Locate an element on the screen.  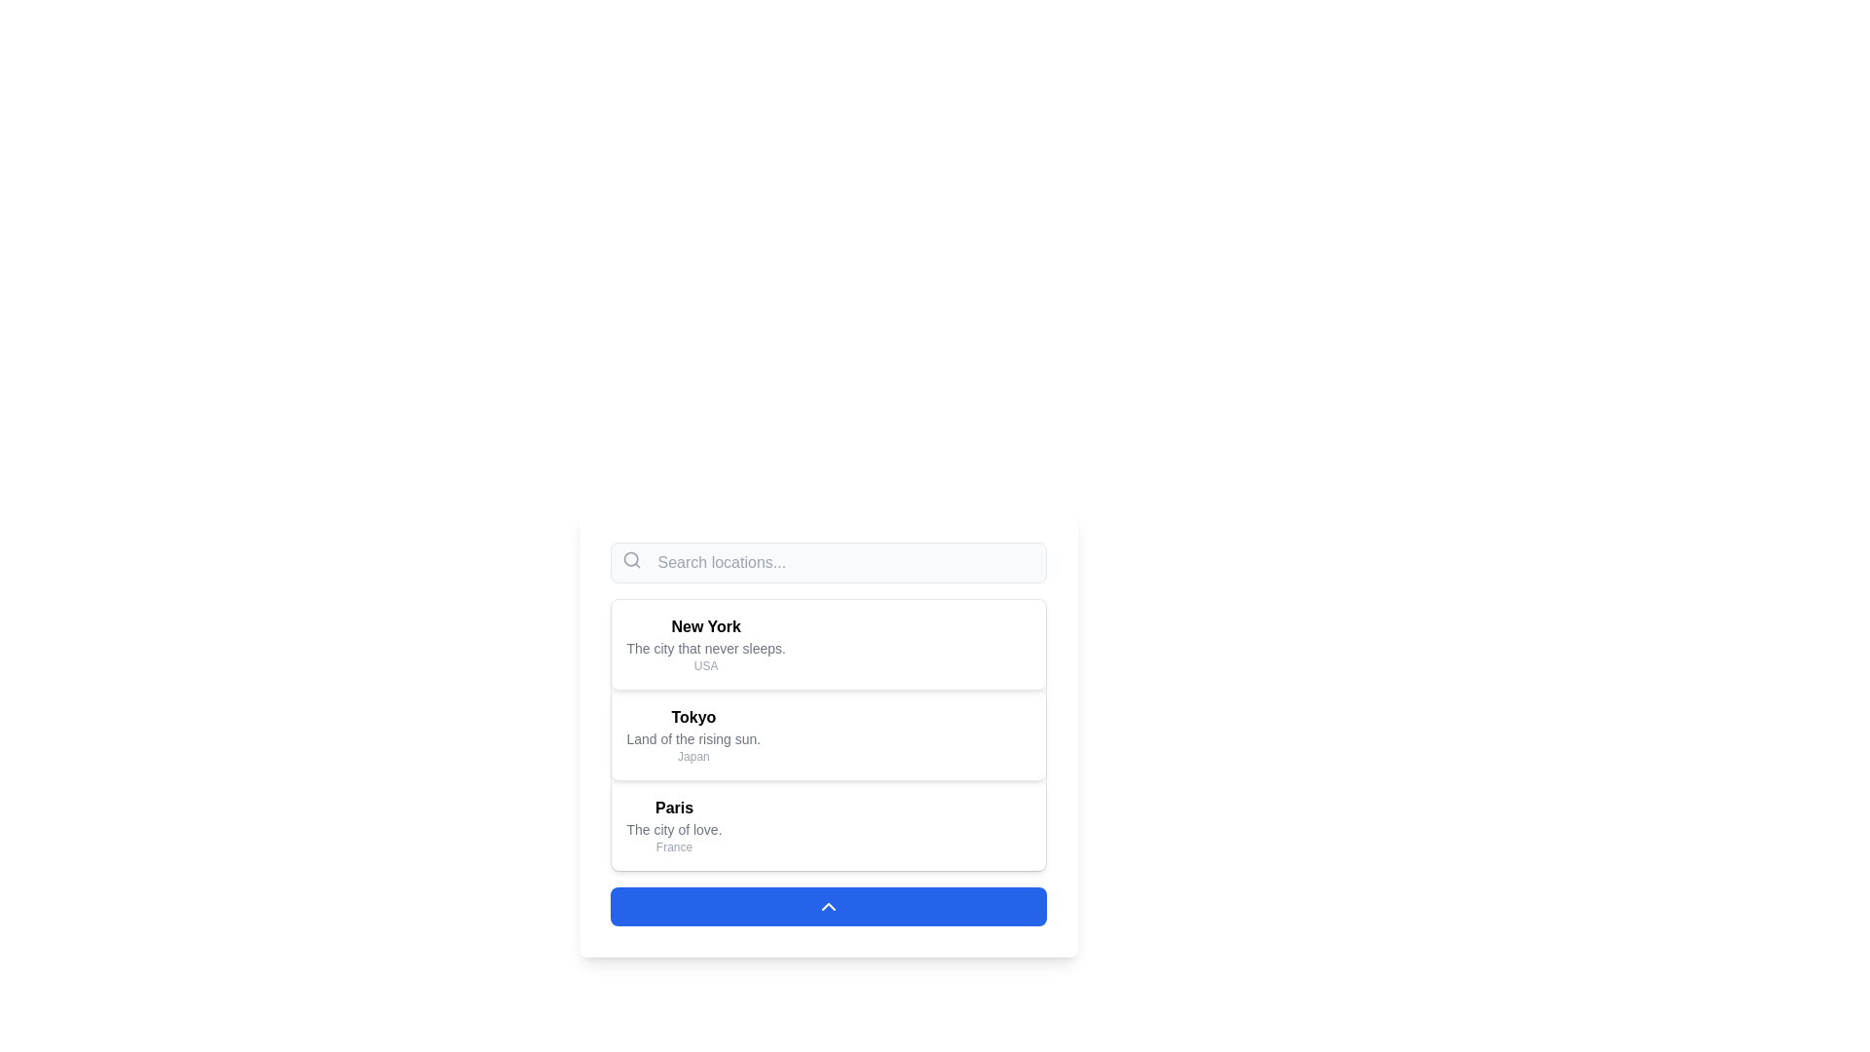
the card labeled 'Tokyo' is located at coordinates (828, 733).